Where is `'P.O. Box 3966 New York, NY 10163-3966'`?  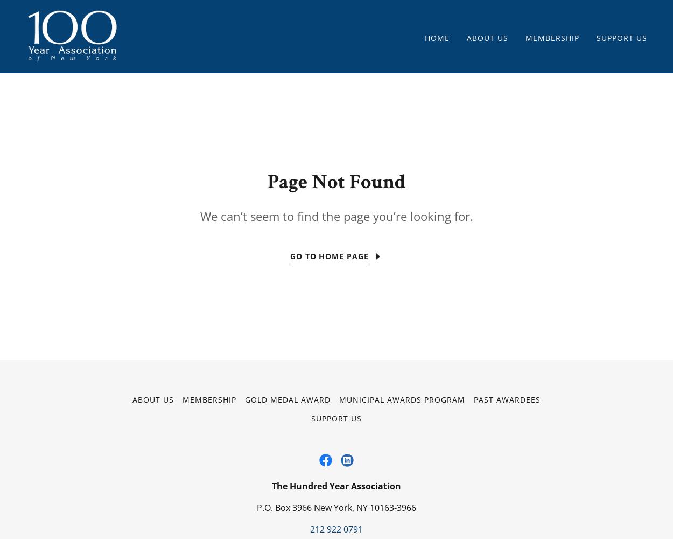 'P.O. Box 3966 New York, NY 10163-3966' is located at coordinates (336, 507).